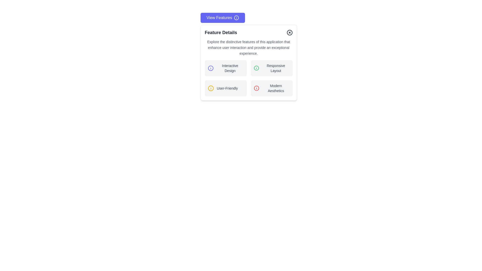 The width and height of the screenshot is (482, 271). Describe the element at coordinates (222, 17) in the screenshot. I see `the button located centrally at the top of the modal window` at that location.